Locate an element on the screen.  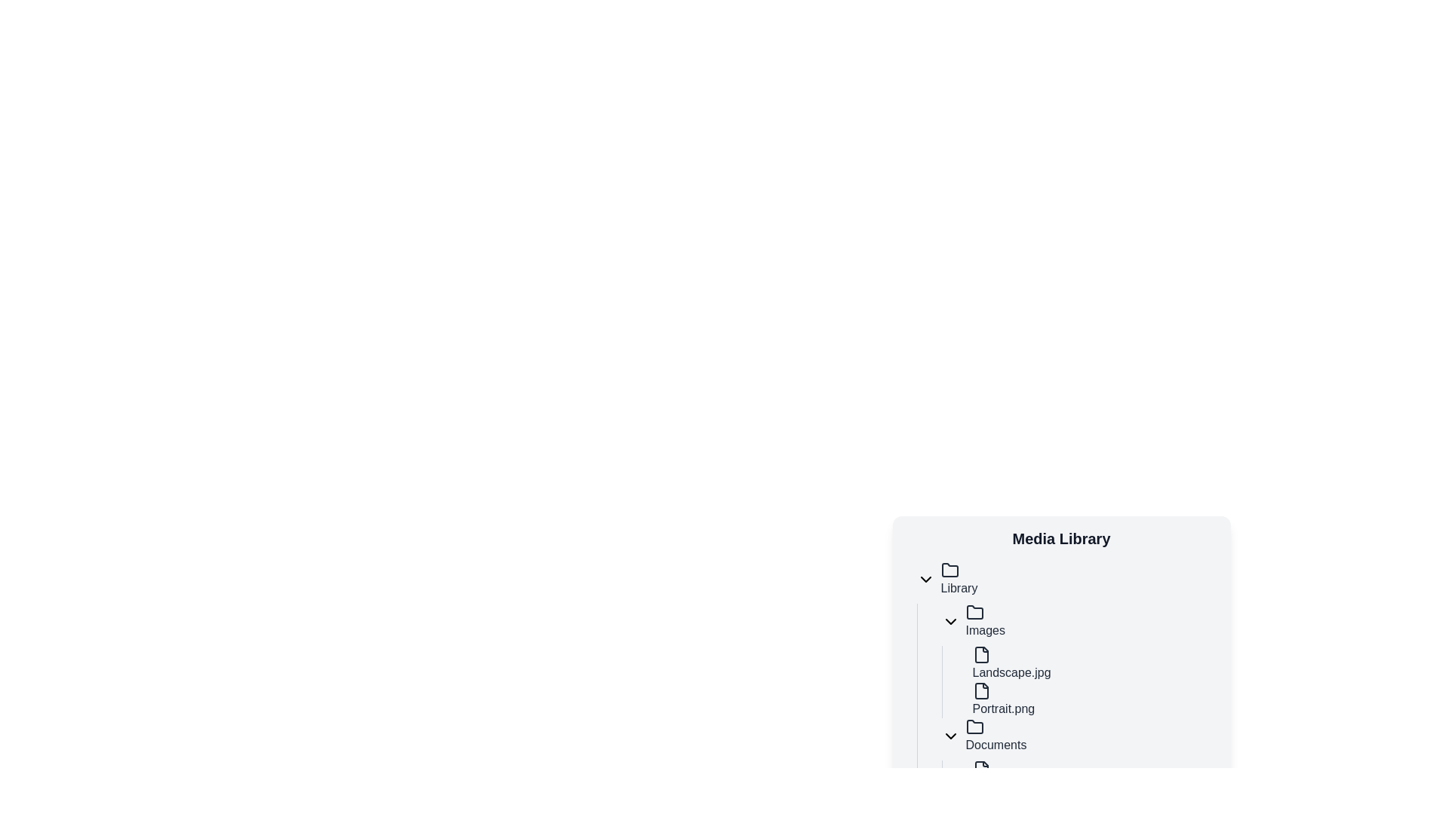
the folder icon located in the second tier of elements under the 'Library' directory, specifically associated with the 'Documents' entry is located at coordinates (974, 726).